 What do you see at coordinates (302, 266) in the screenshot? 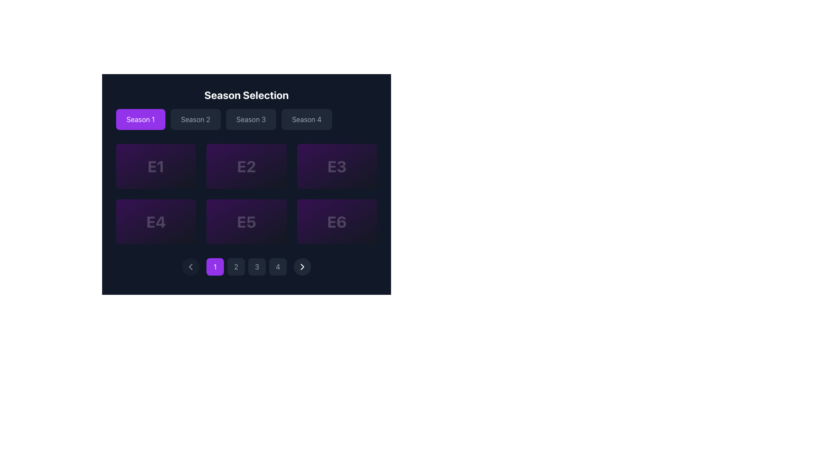
I see `the right-chevron icon in the pagination control area` at bounding box center [302, 266].